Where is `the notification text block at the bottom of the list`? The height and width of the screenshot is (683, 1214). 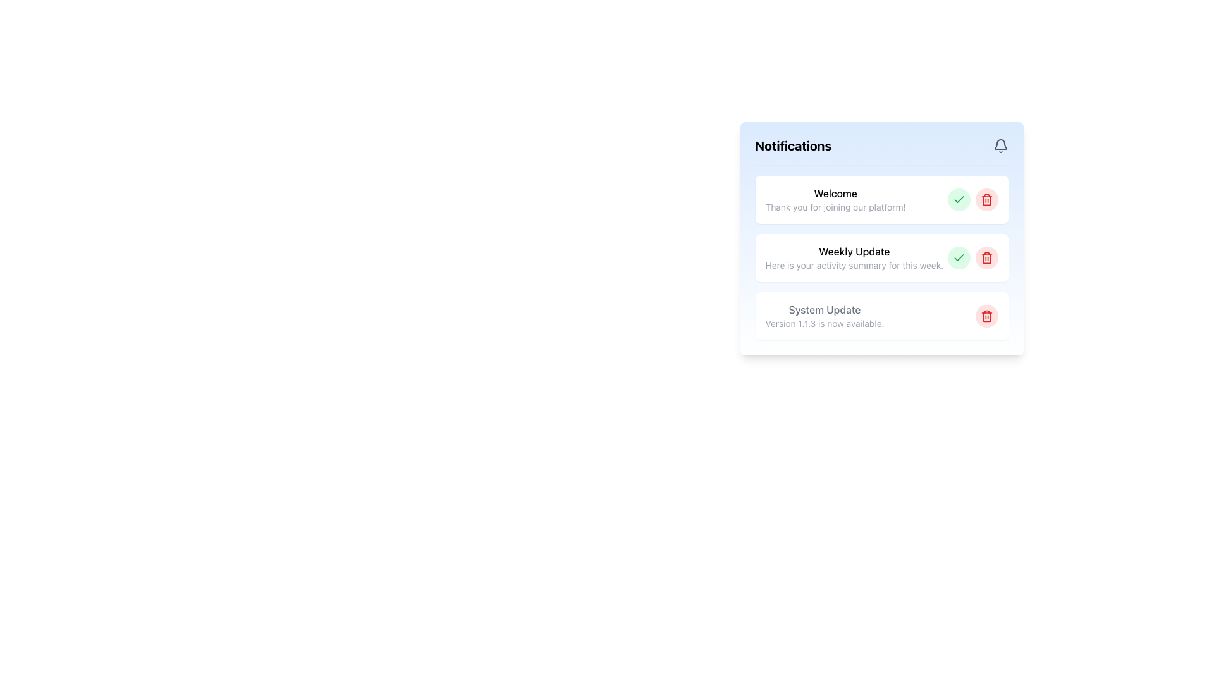 the notification text block at the bottom of the list is located at coordinates (825, 316).